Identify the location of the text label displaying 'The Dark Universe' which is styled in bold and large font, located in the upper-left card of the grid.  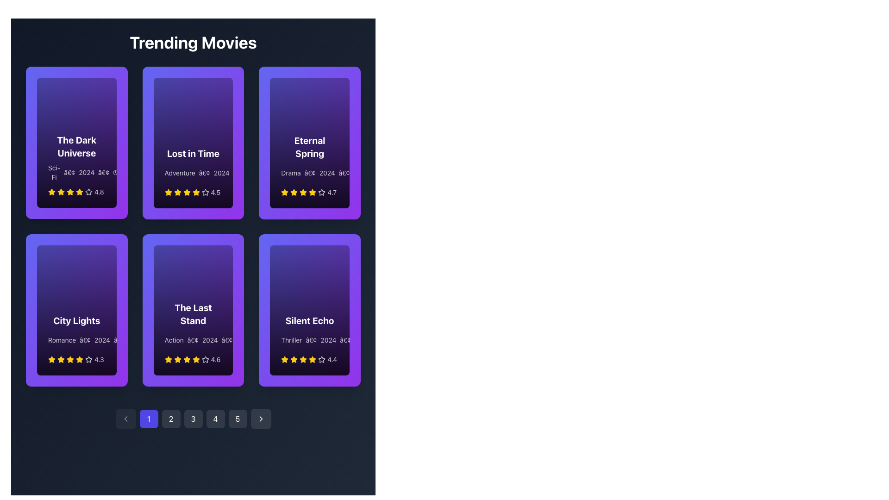
(76, 146).